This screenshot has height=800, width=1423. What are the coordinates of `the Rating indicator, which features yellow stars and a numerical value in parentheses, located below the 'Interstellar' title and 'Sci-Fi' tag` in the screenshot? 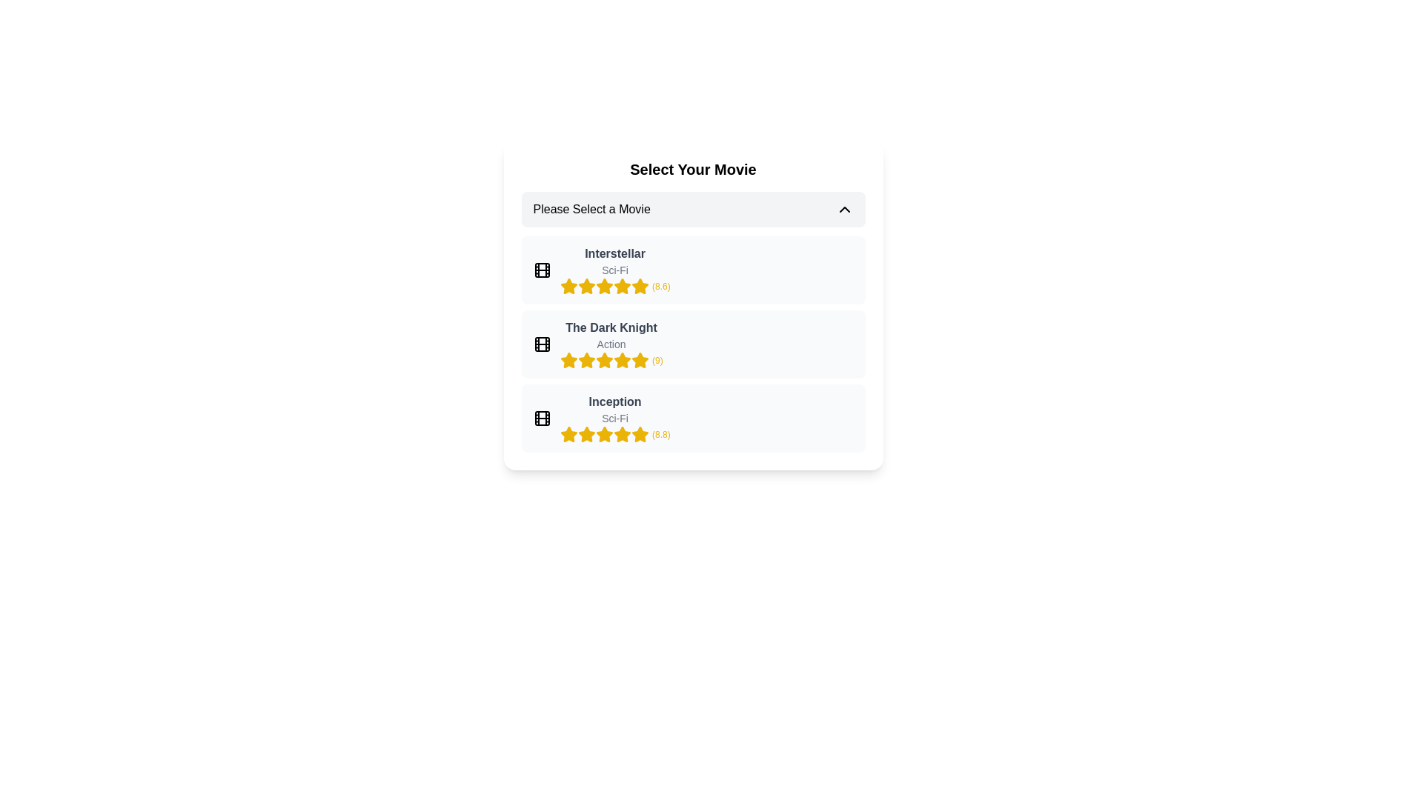 It's located at (615, 286).